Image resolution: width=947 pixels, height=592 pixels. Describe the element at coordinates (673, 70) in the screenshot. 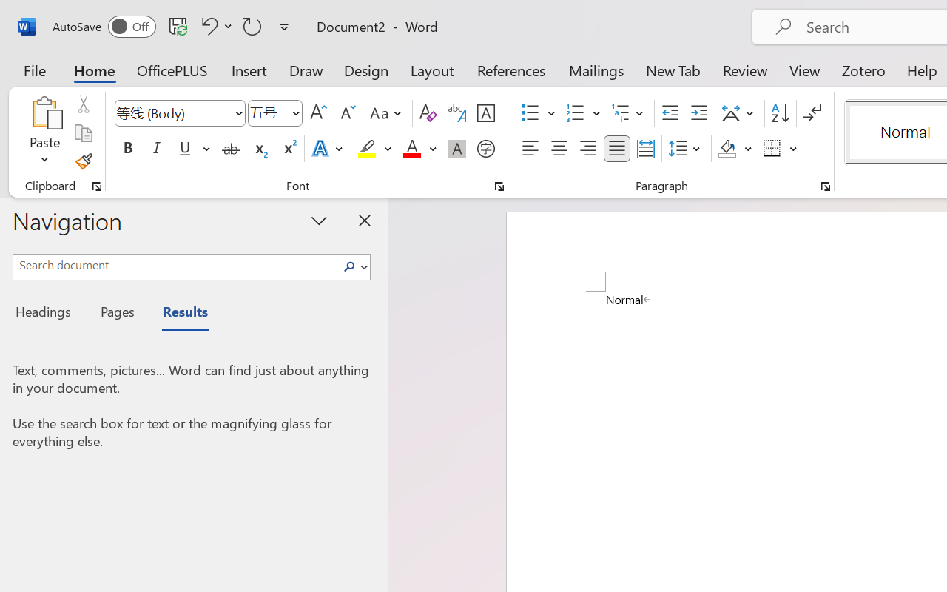

I see `'New Tab'` at that location.